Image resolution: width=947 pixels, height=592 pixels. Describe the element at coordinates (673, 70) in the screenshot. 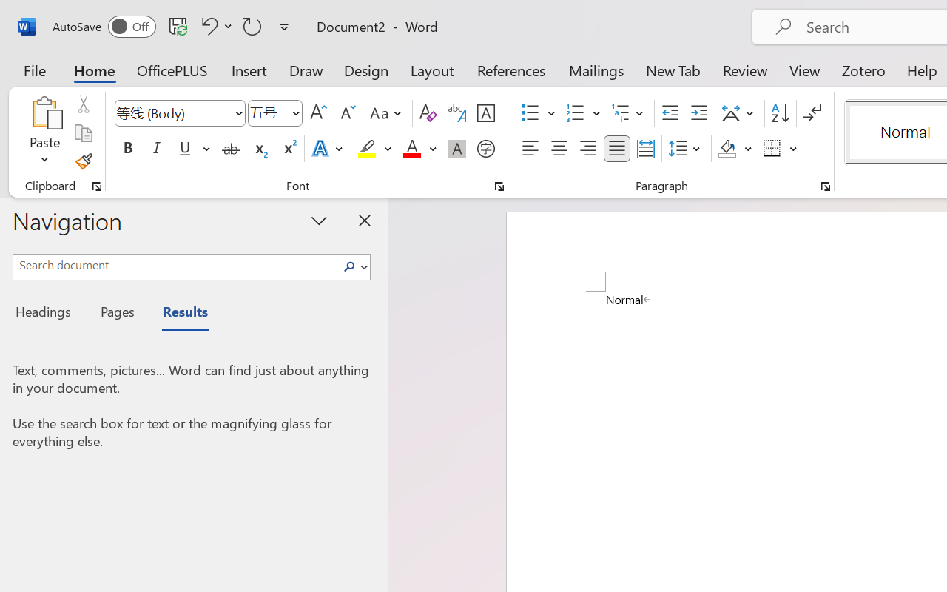

I see `'New Tab'` at that location.